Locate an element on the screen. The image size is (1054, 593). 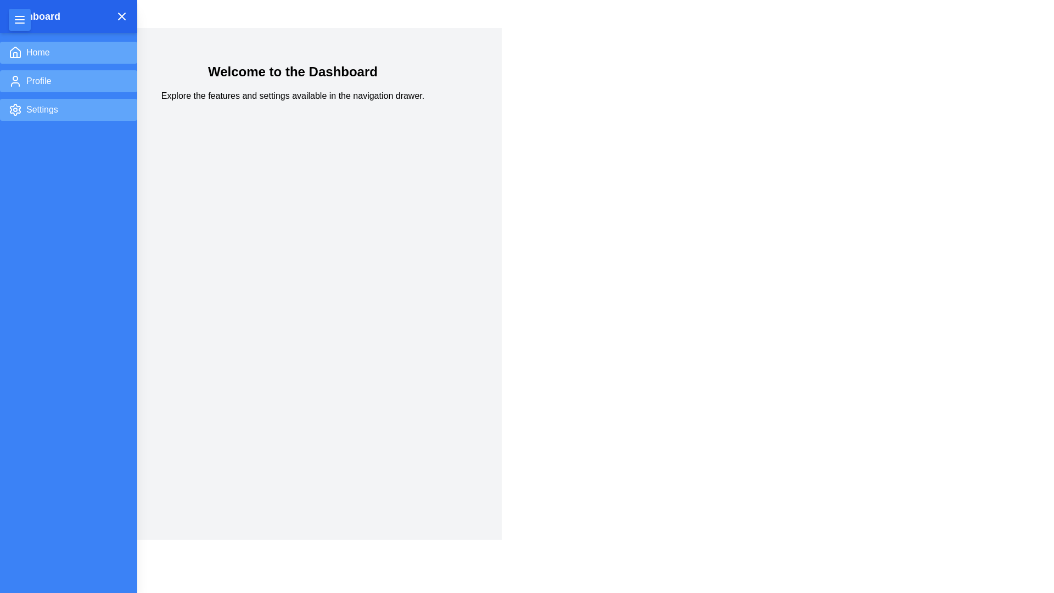
the settings icon located is located at coordinates (15, 110).